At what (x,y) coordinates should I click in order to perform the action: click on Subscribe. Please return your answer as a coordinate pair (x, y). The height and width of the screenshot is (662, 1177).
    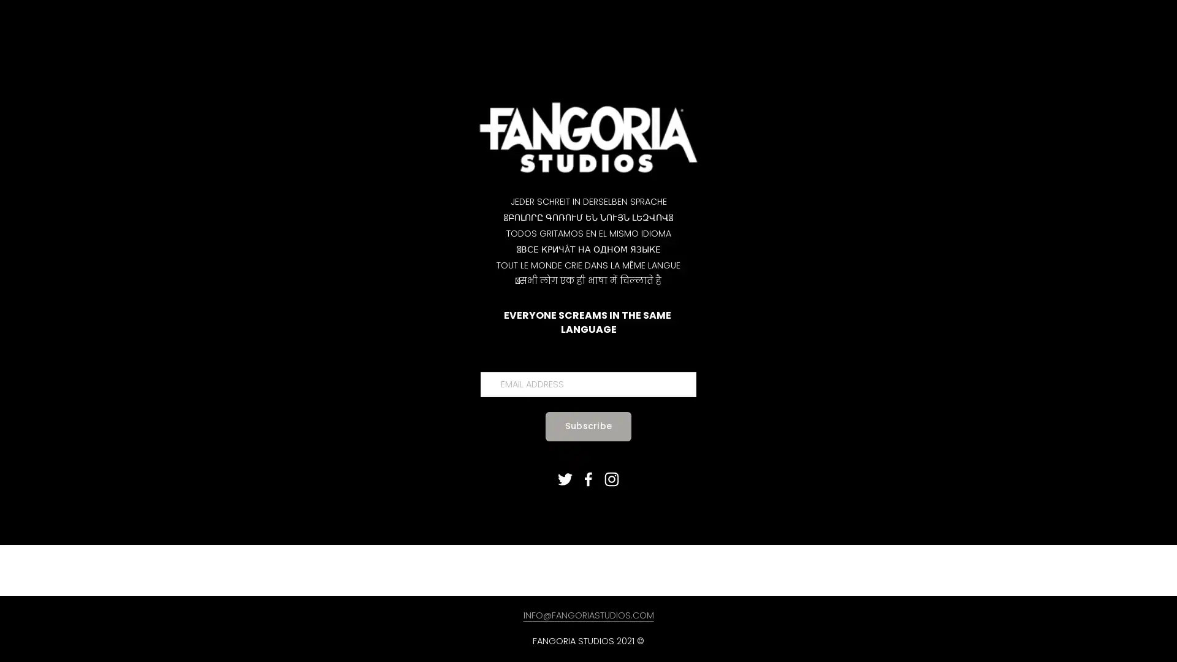
    Looking at the image, I should click on (587, 425).